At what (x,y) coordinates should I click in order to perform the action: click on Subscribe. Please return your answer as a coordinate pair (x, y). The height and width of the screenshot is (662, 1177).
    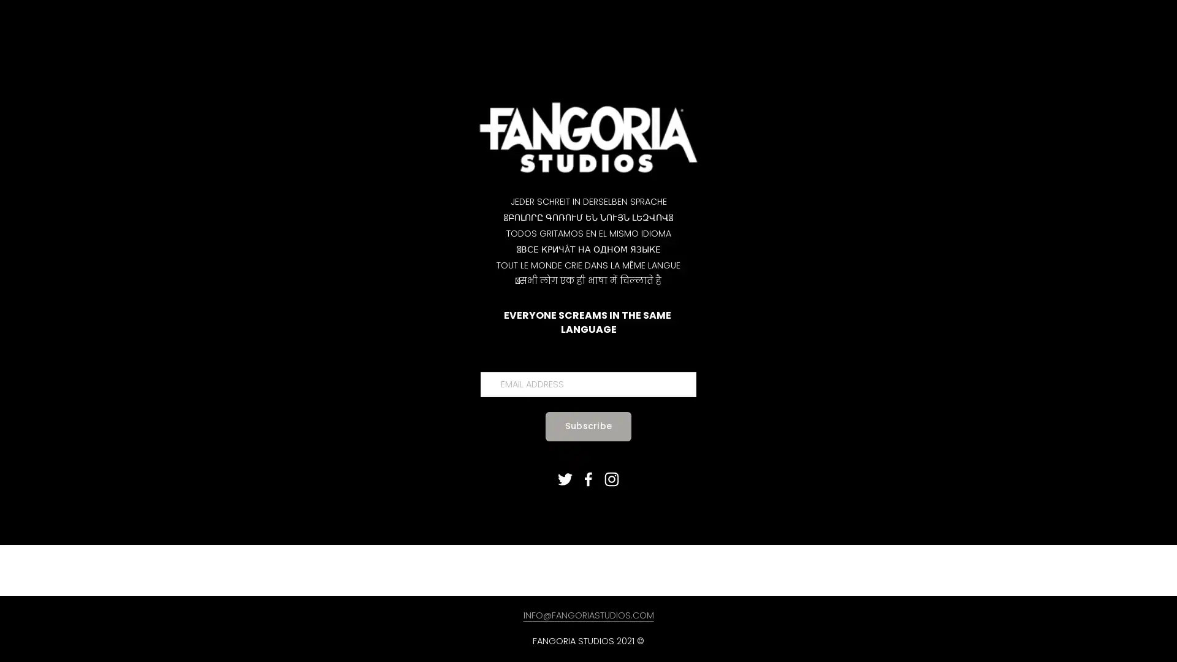
    Looking at the image, I should click on (587, 425).